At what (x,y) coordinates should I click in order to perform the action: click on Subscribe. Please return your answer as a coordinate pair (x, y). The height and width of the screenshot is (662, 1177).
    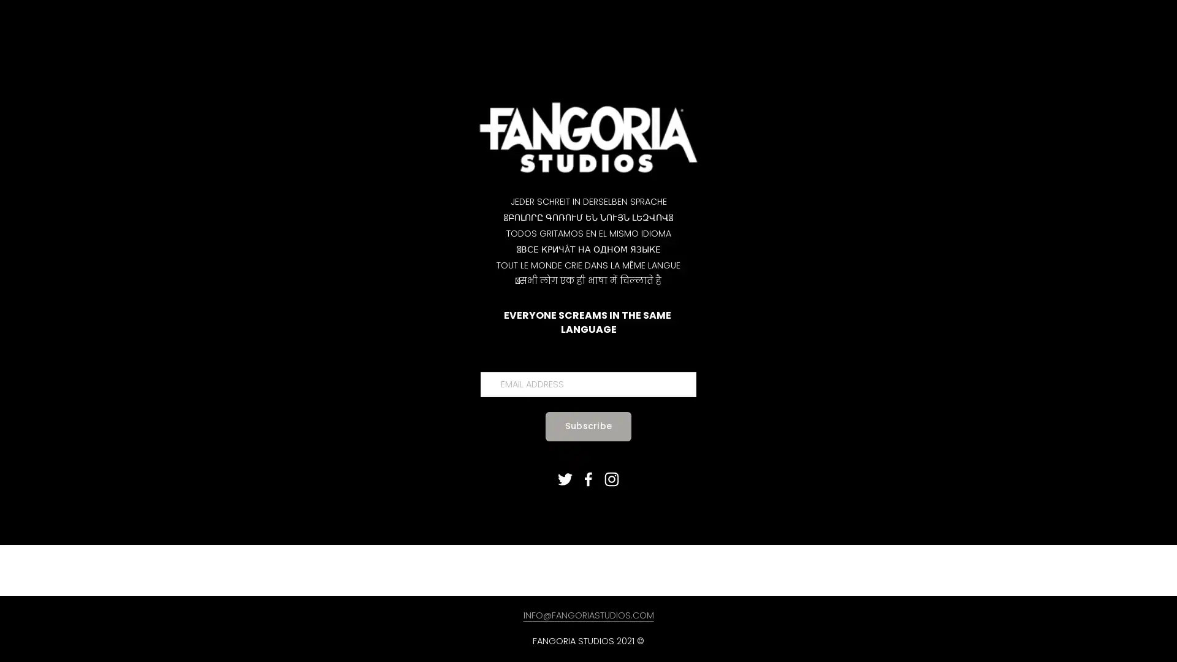
    Looking at the image, I should click on (587, 425).